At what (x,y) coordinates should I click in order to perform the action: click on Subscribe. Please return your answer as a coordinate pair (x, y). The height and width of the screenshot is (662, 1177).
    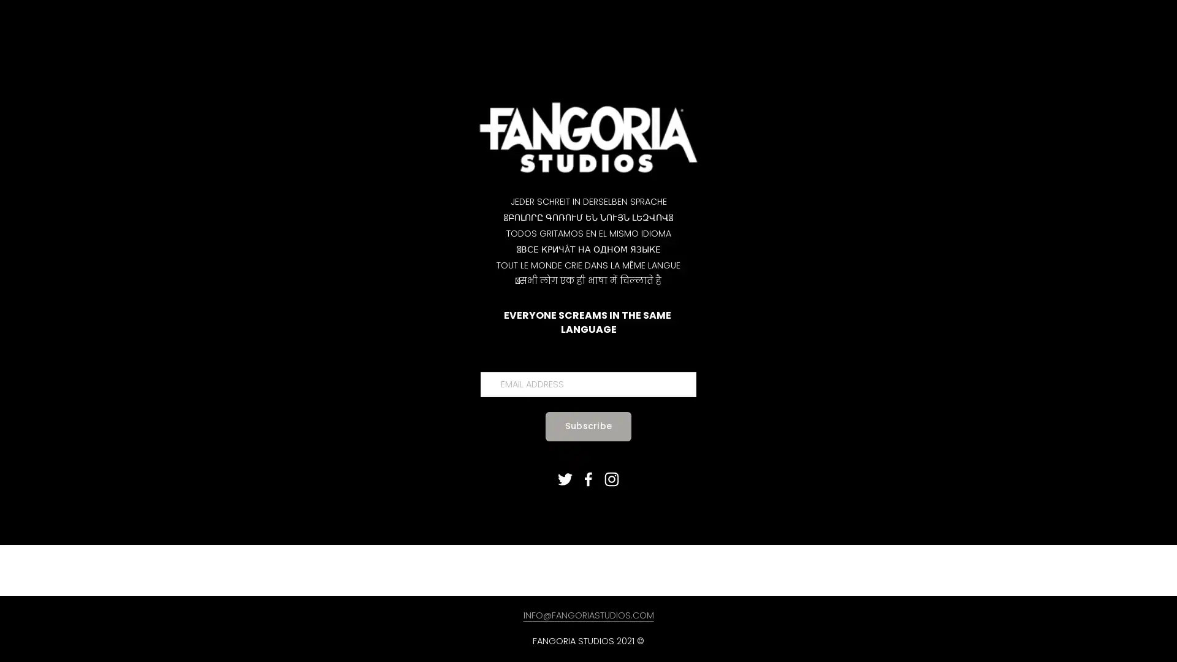
    Looking at the image, I should click on (587, 425).